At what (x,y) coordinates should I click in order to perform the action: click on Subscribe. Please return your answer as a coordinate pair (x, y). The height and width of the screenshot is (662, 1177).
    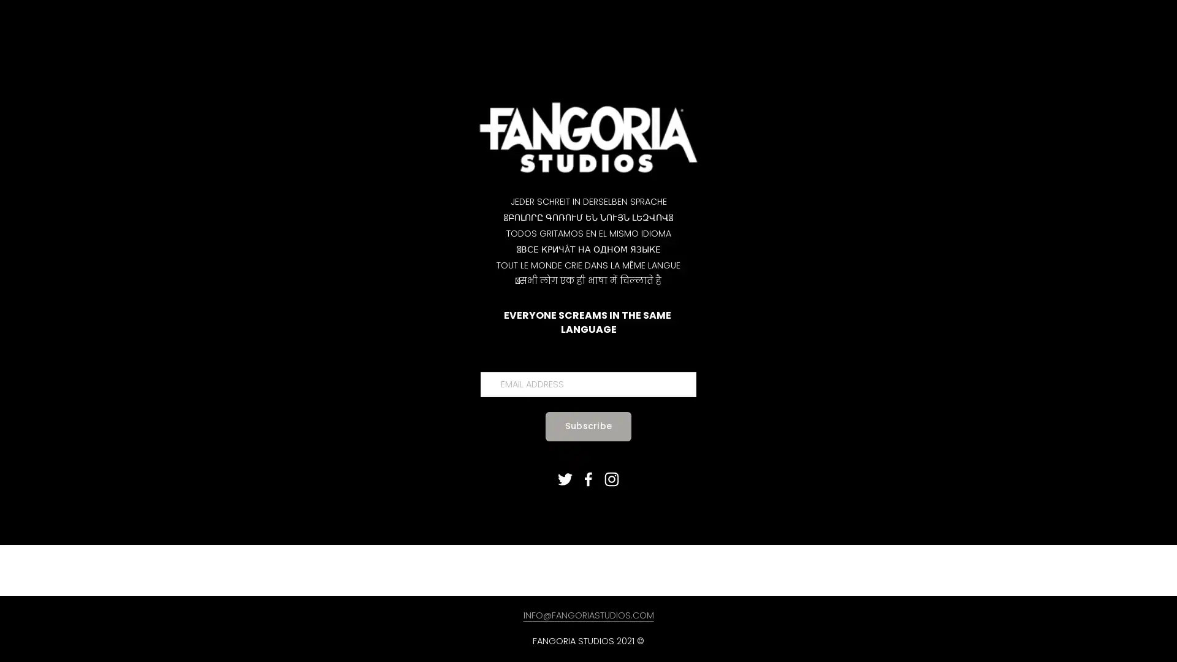
    Looking at the image, I should click on (587, 425).